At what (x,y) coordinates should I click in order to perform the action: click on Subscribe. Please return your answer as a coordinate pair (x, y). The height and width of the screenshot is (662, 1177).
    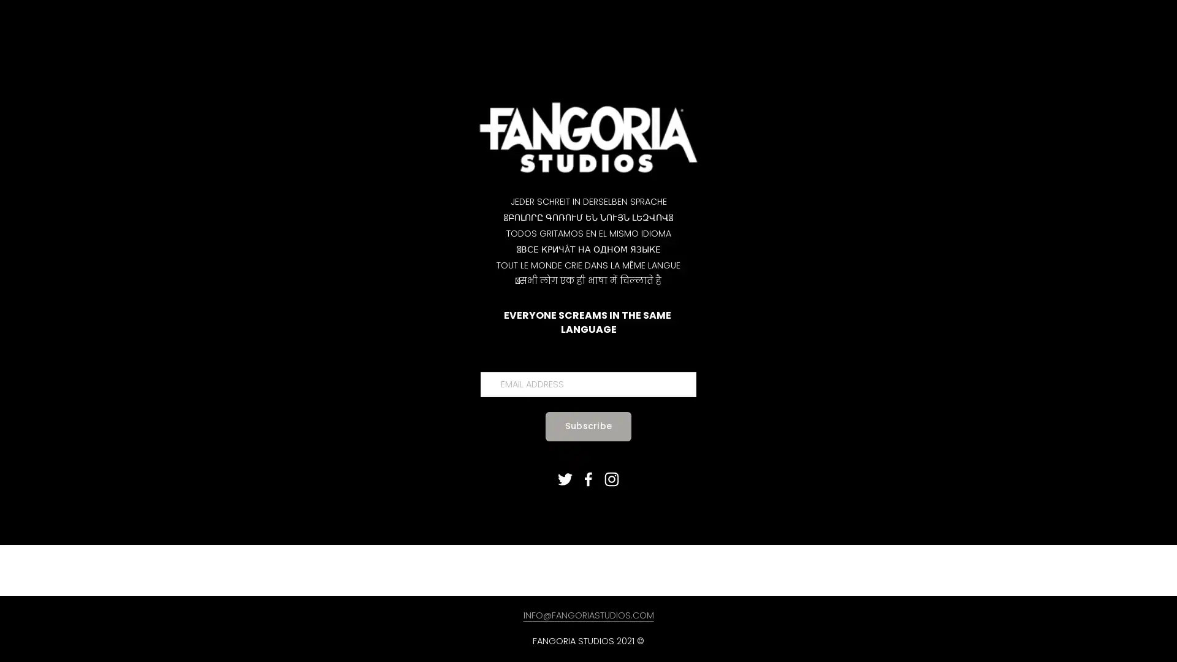
    Looking at the image, I should click on (587, 425).